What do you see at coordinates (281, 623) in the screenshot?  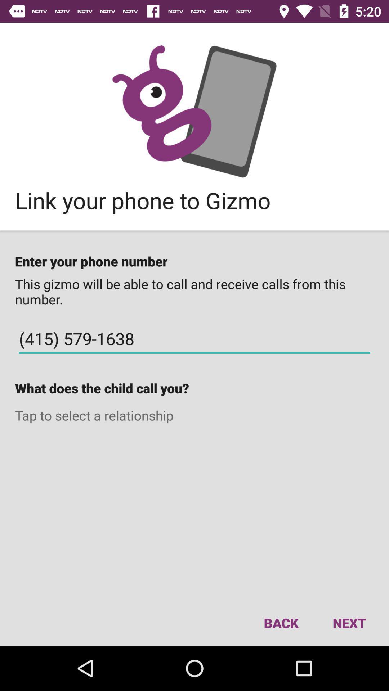 I see `the icon next to the next icon` at bounding box center [281, 623].